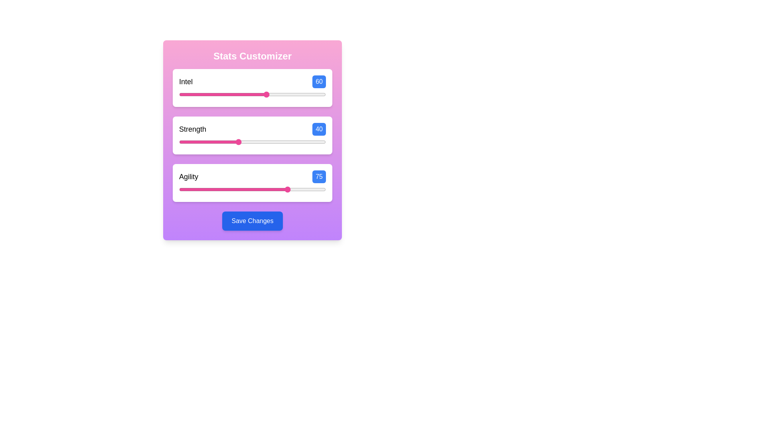 This screenshot has width=766, height=431. I want to click on the agility level, so click(216, 189).